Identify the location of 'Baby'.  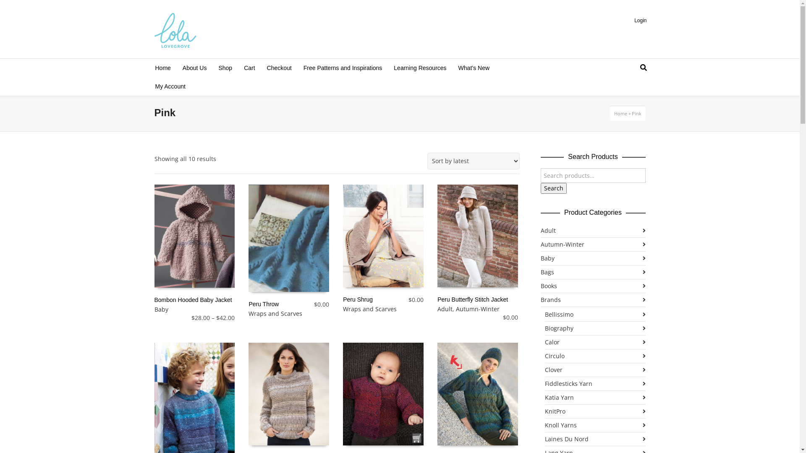
(540, 258).